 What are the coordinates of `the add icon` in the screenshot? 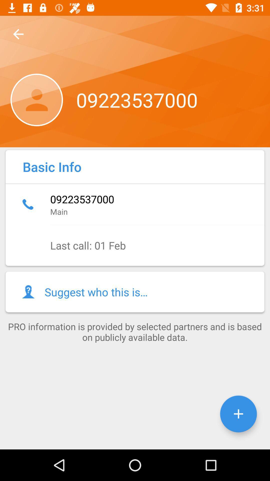 It's located at (238, 414).